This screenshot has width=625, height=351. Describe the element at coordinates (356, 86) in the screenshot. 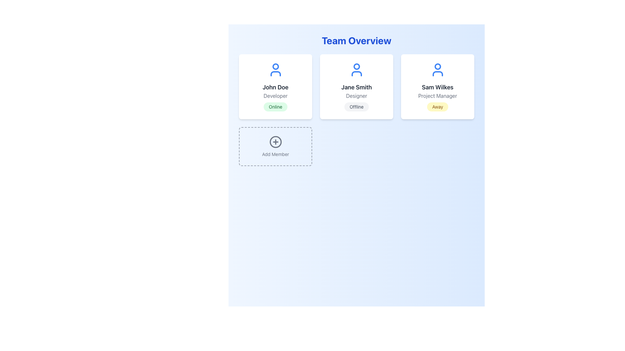

I see `the Profile Card for user 'Jane Smith', which features a blue user icon at the top, bold name 'Jane Smith', subtitle 'Designer', and a pill-shaped status indicator reading 'Offline'` at that location.